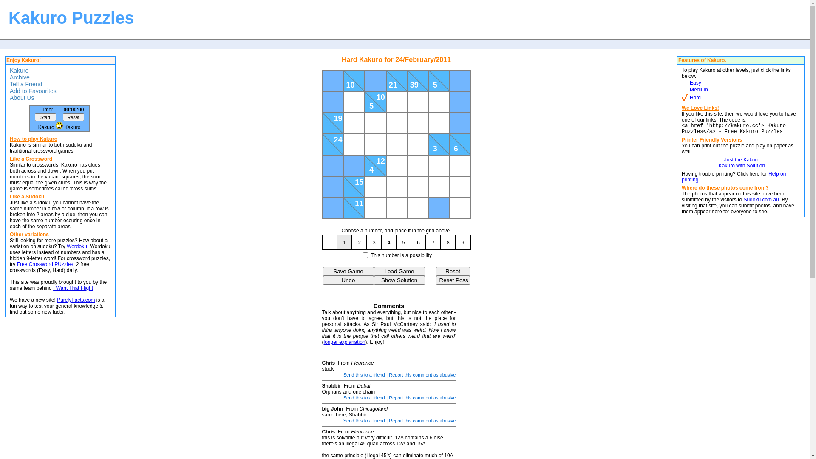 This screenshot has height=459, width=816. I want to click on 'Start', so click(45, 117).